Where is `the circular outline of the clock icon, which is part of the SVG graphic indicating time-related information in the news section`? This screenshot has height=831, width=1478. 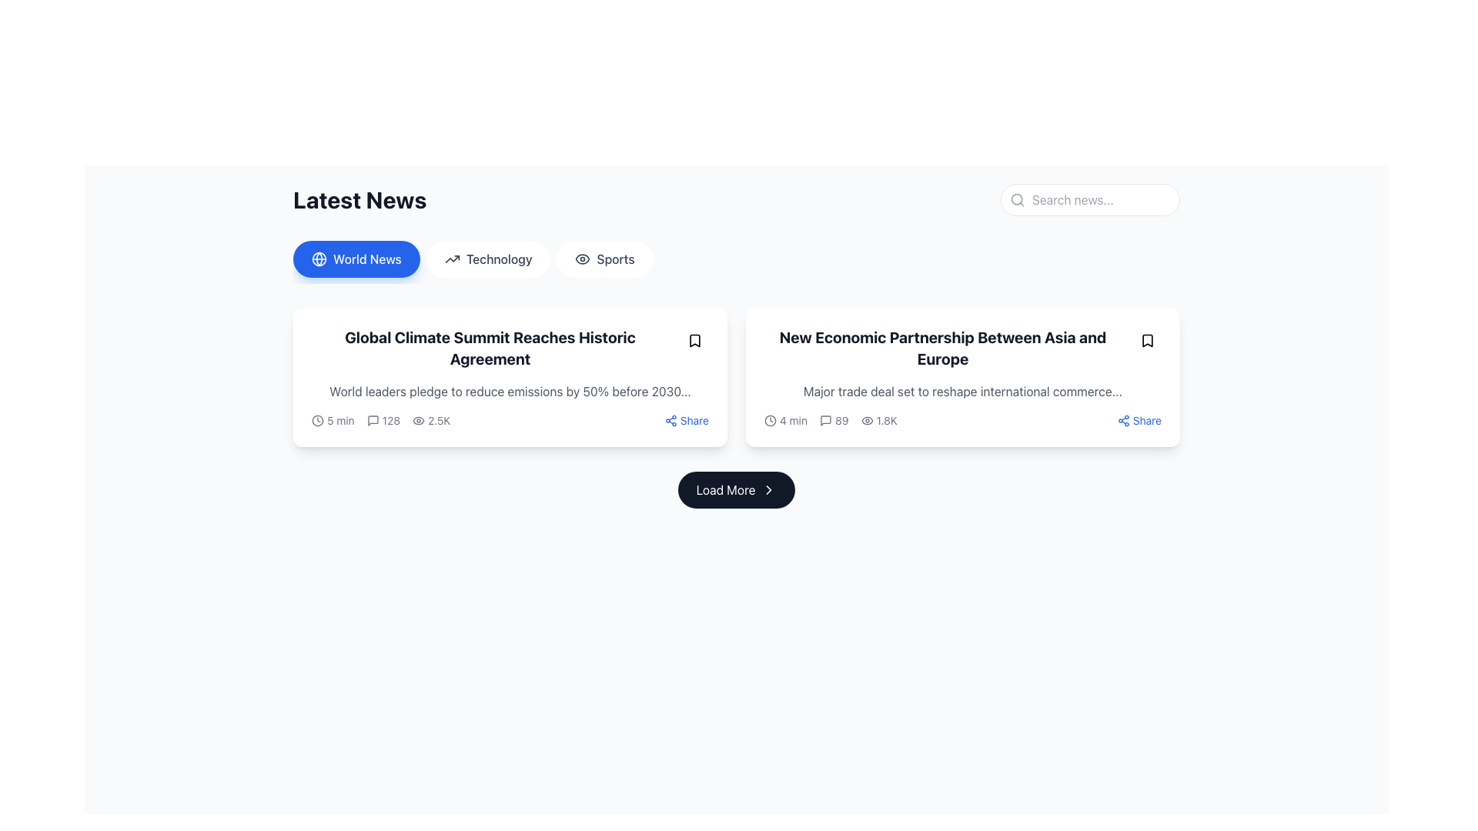
the circular outline of the clock icon, which is part of the SVG graphic indicating time-related information in the news section is located at coordinates (316, 421).